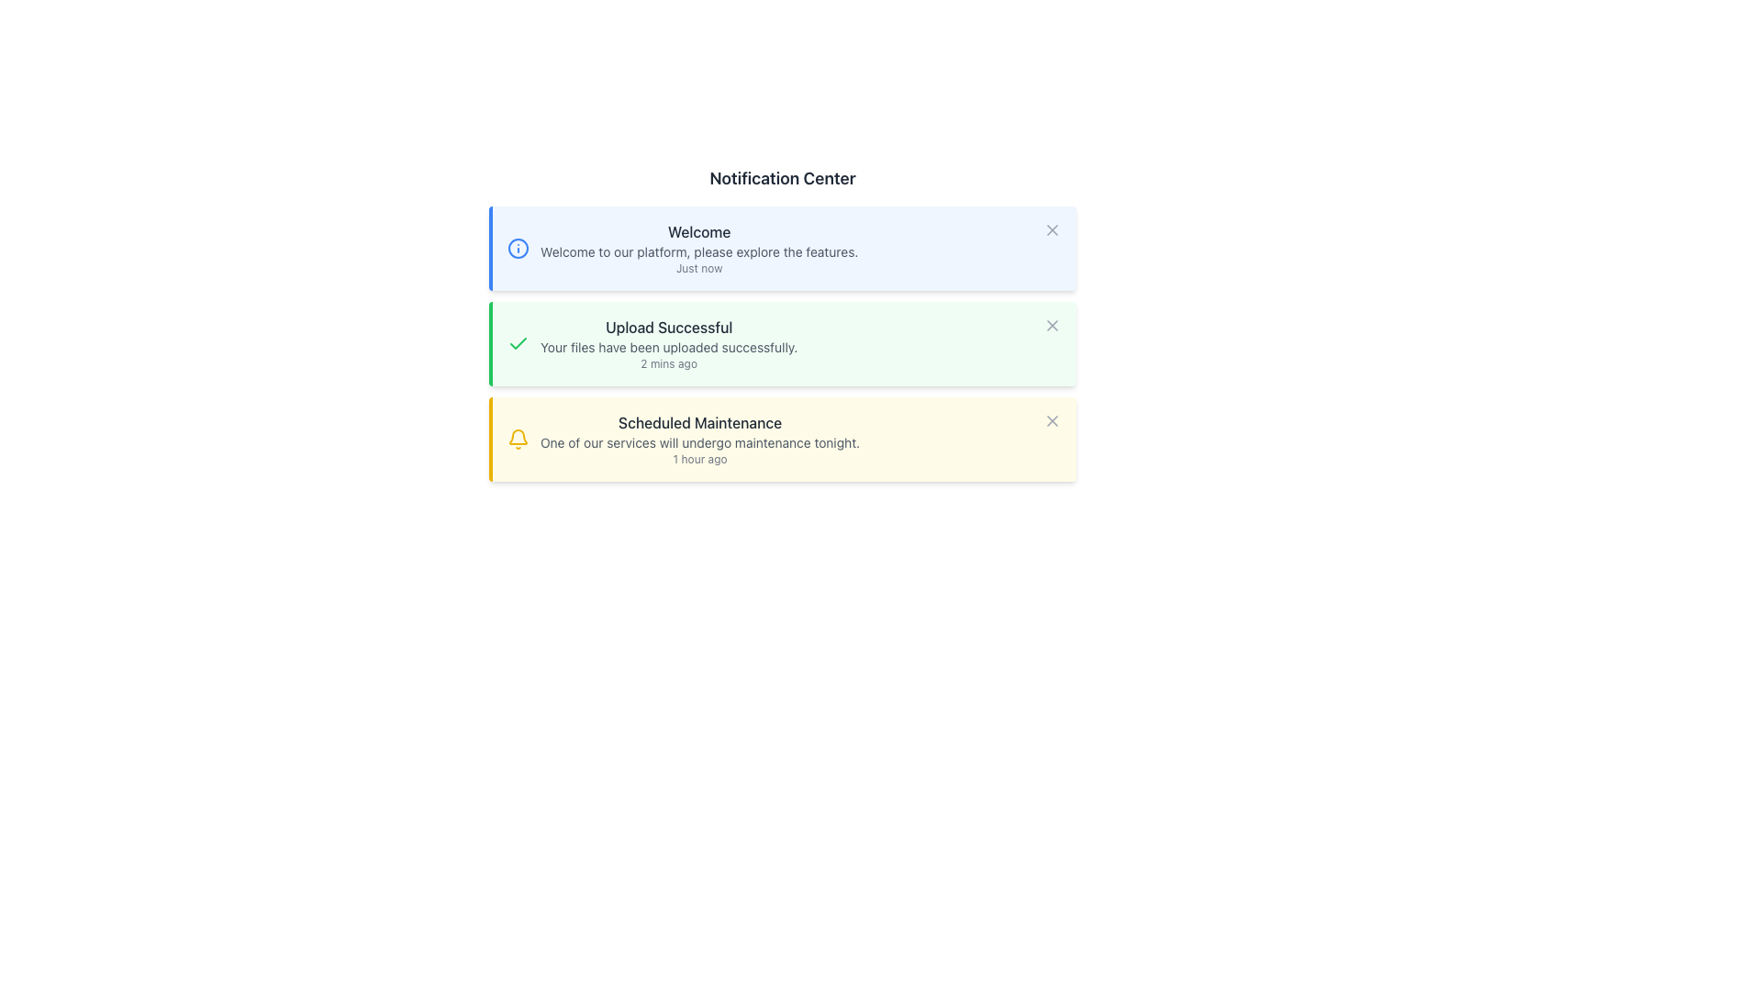  I want to click on the notification card that provides a welcoming message to the user, located at the top of the notification list under 'Notification Center', so click(698, 248).